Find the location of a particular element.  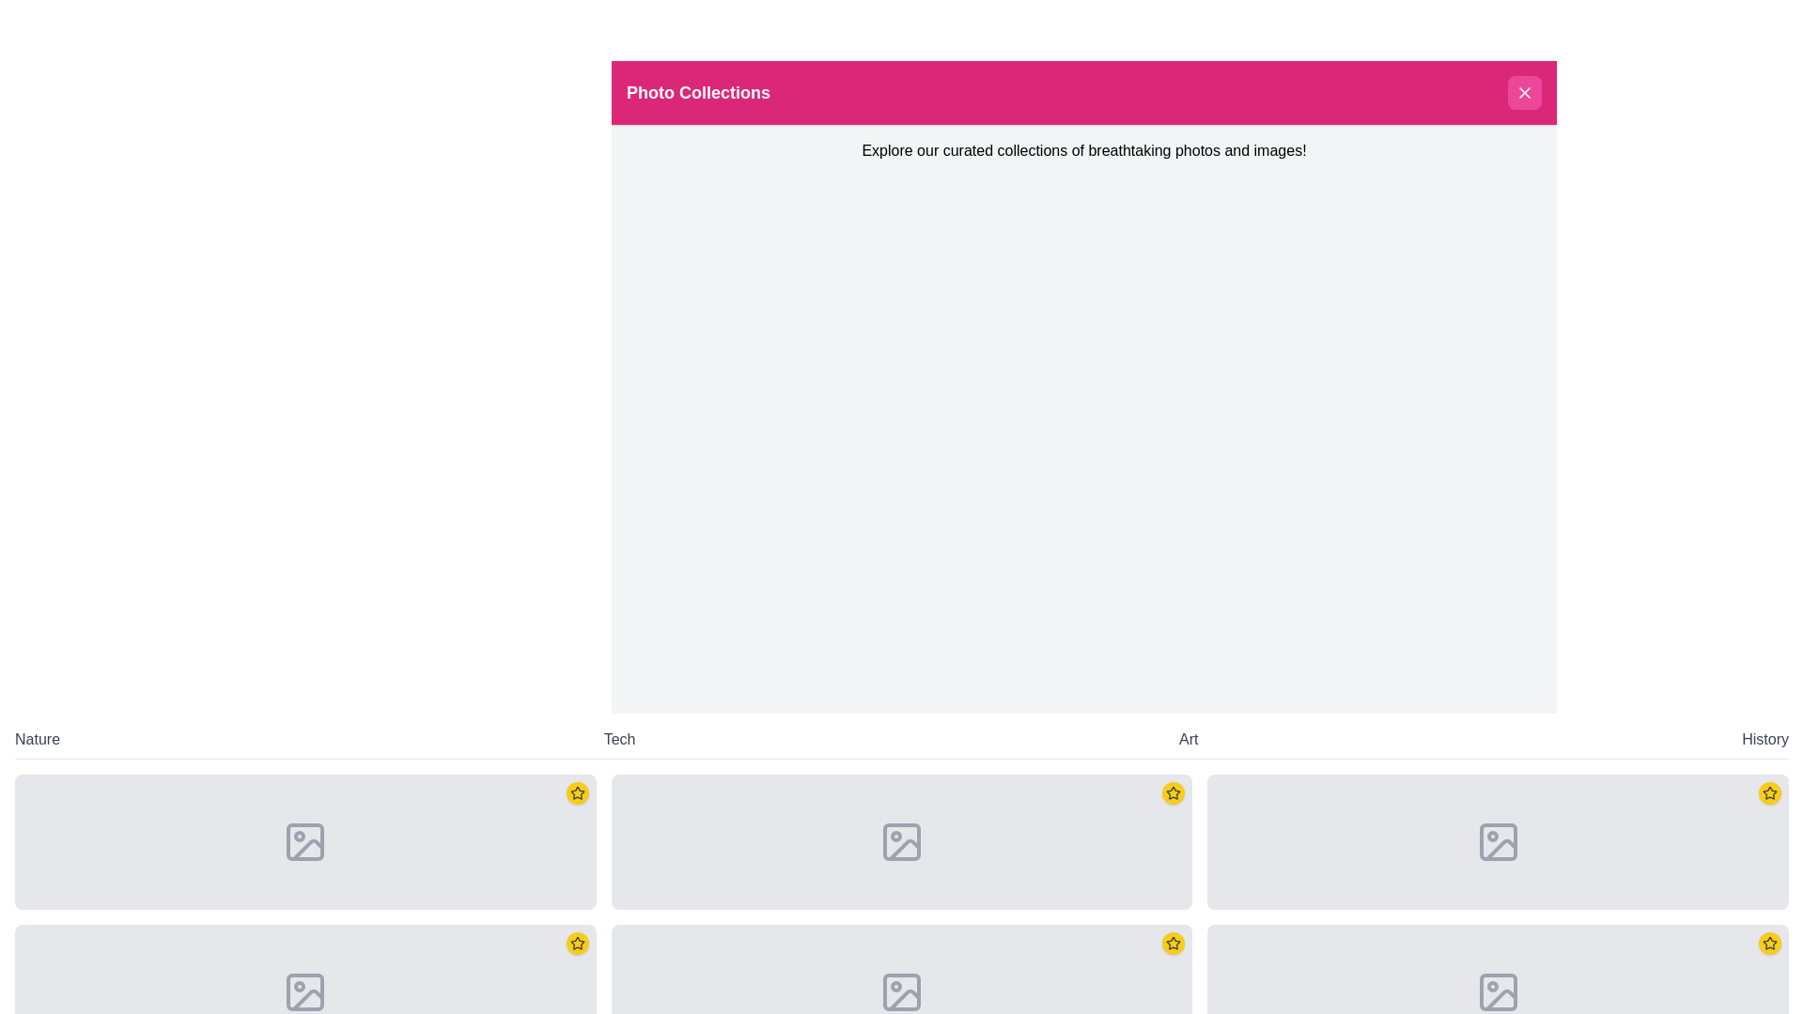

the icon placeholder located in the fourth column of the second row within the grid layout is located at coordinates (902, 991).